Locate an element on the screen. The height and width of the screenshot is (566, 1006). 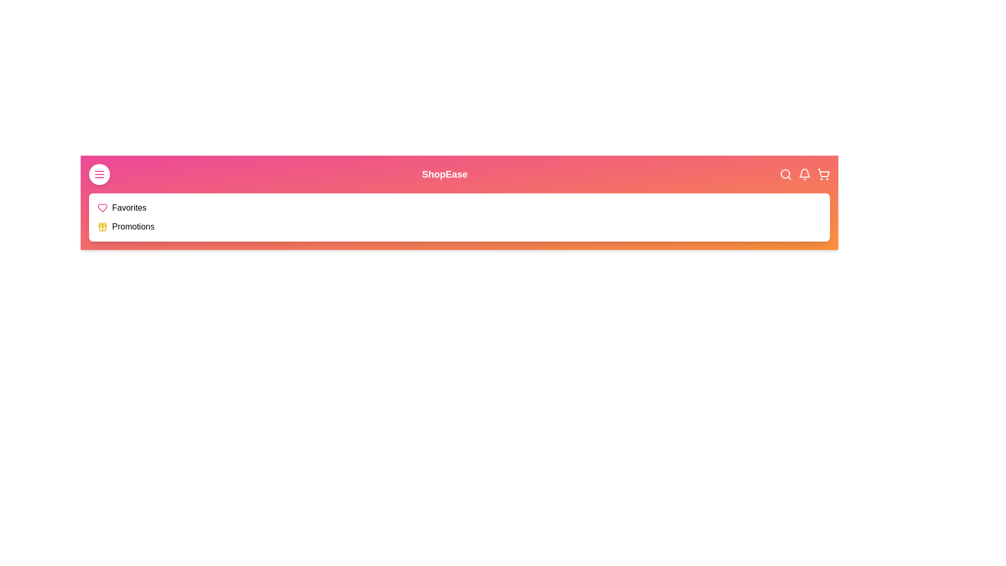
the bell icon to access notifications is located at coordinates (804, 173).